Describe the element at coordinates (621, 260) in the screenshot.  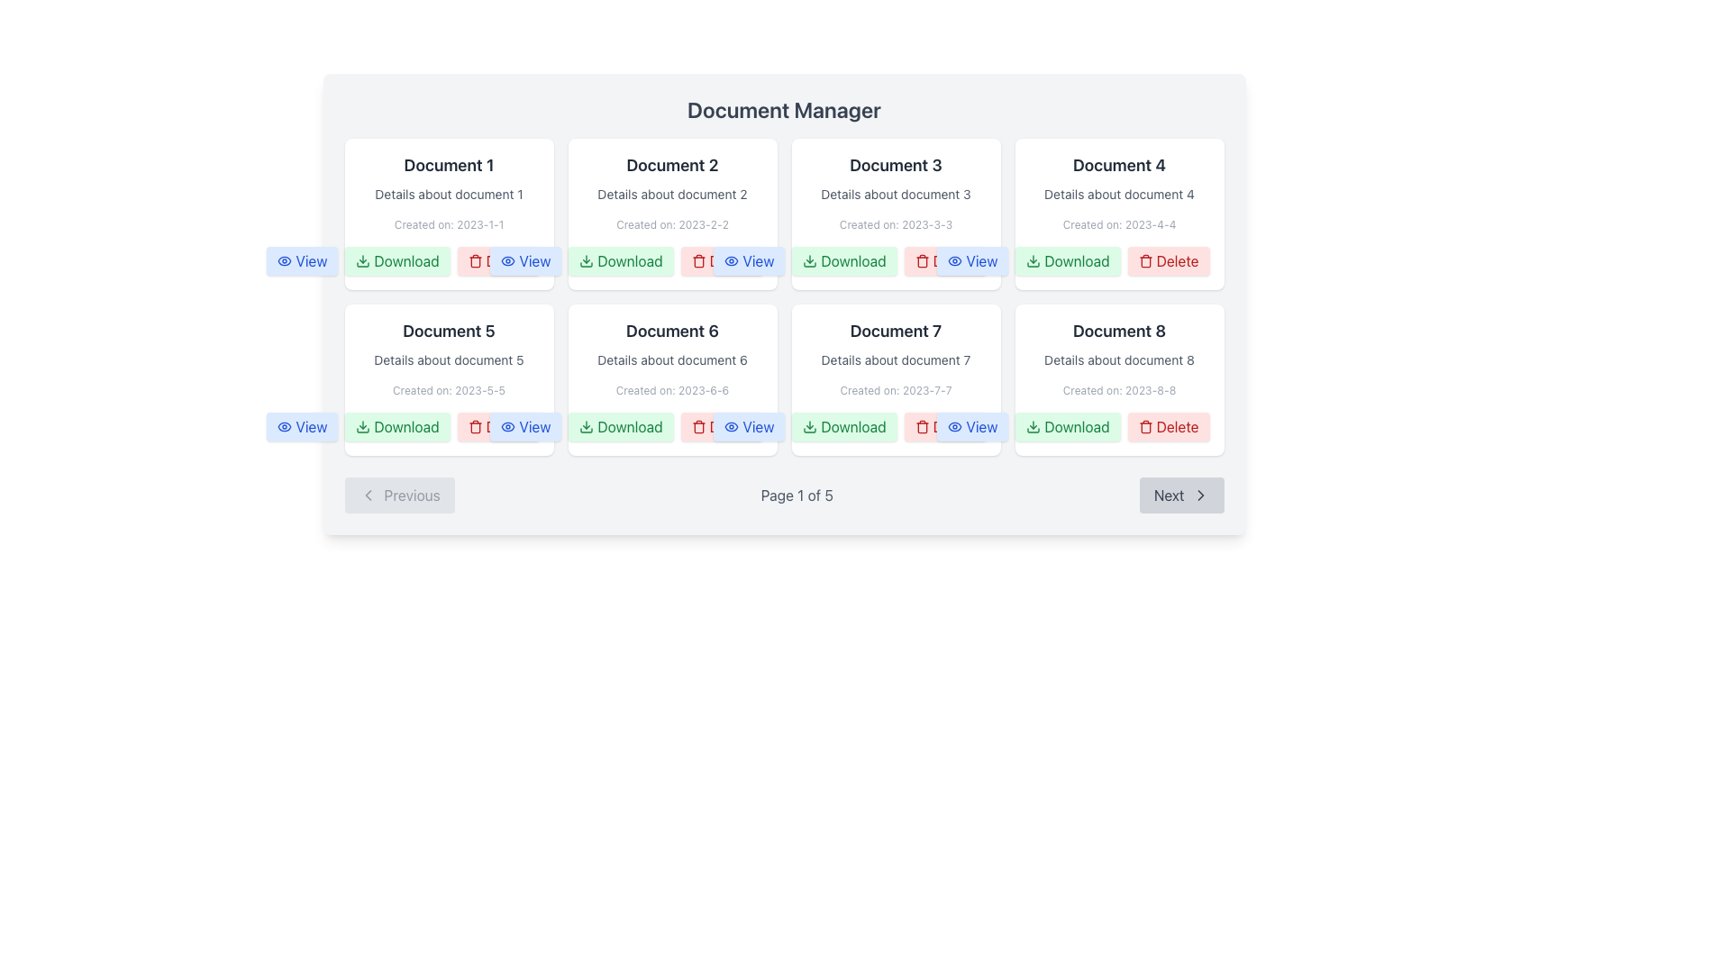
I see `the 'Download' button with a green background and a download icon, located under the 'Document 2' card in the Document Manager interface` at that location.